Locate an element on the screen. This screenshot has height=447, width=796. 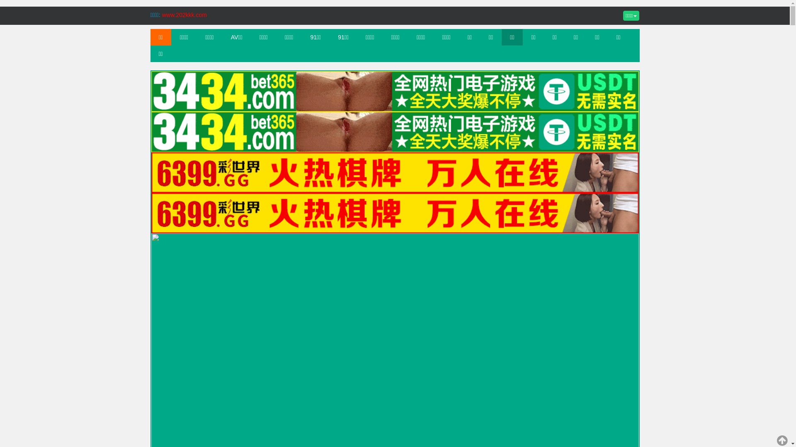
'www.202kkk.com' is located at coordinates (184, 14).